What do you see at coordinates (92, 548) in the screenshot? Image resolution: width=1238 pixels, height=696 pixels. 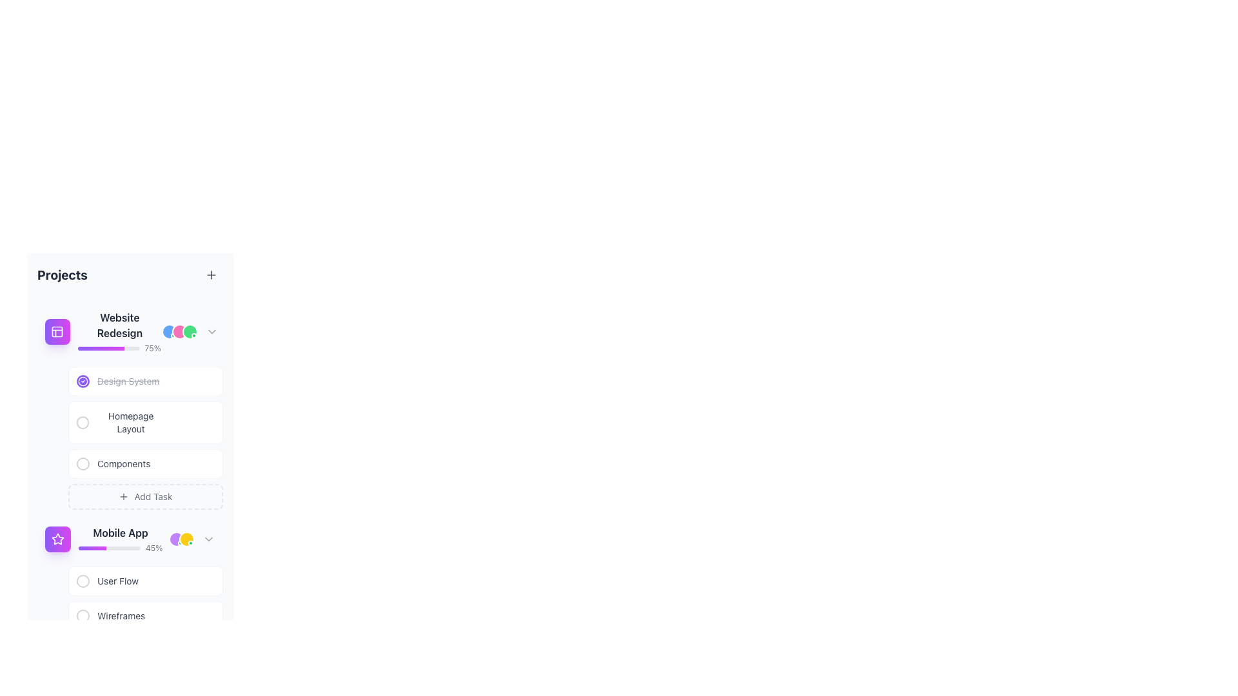 I see `the progress bar fill element under the 'Mobile App' section in the left sidebar, which visually represents the task completion at '45%'` at bounding box center [92, 548].